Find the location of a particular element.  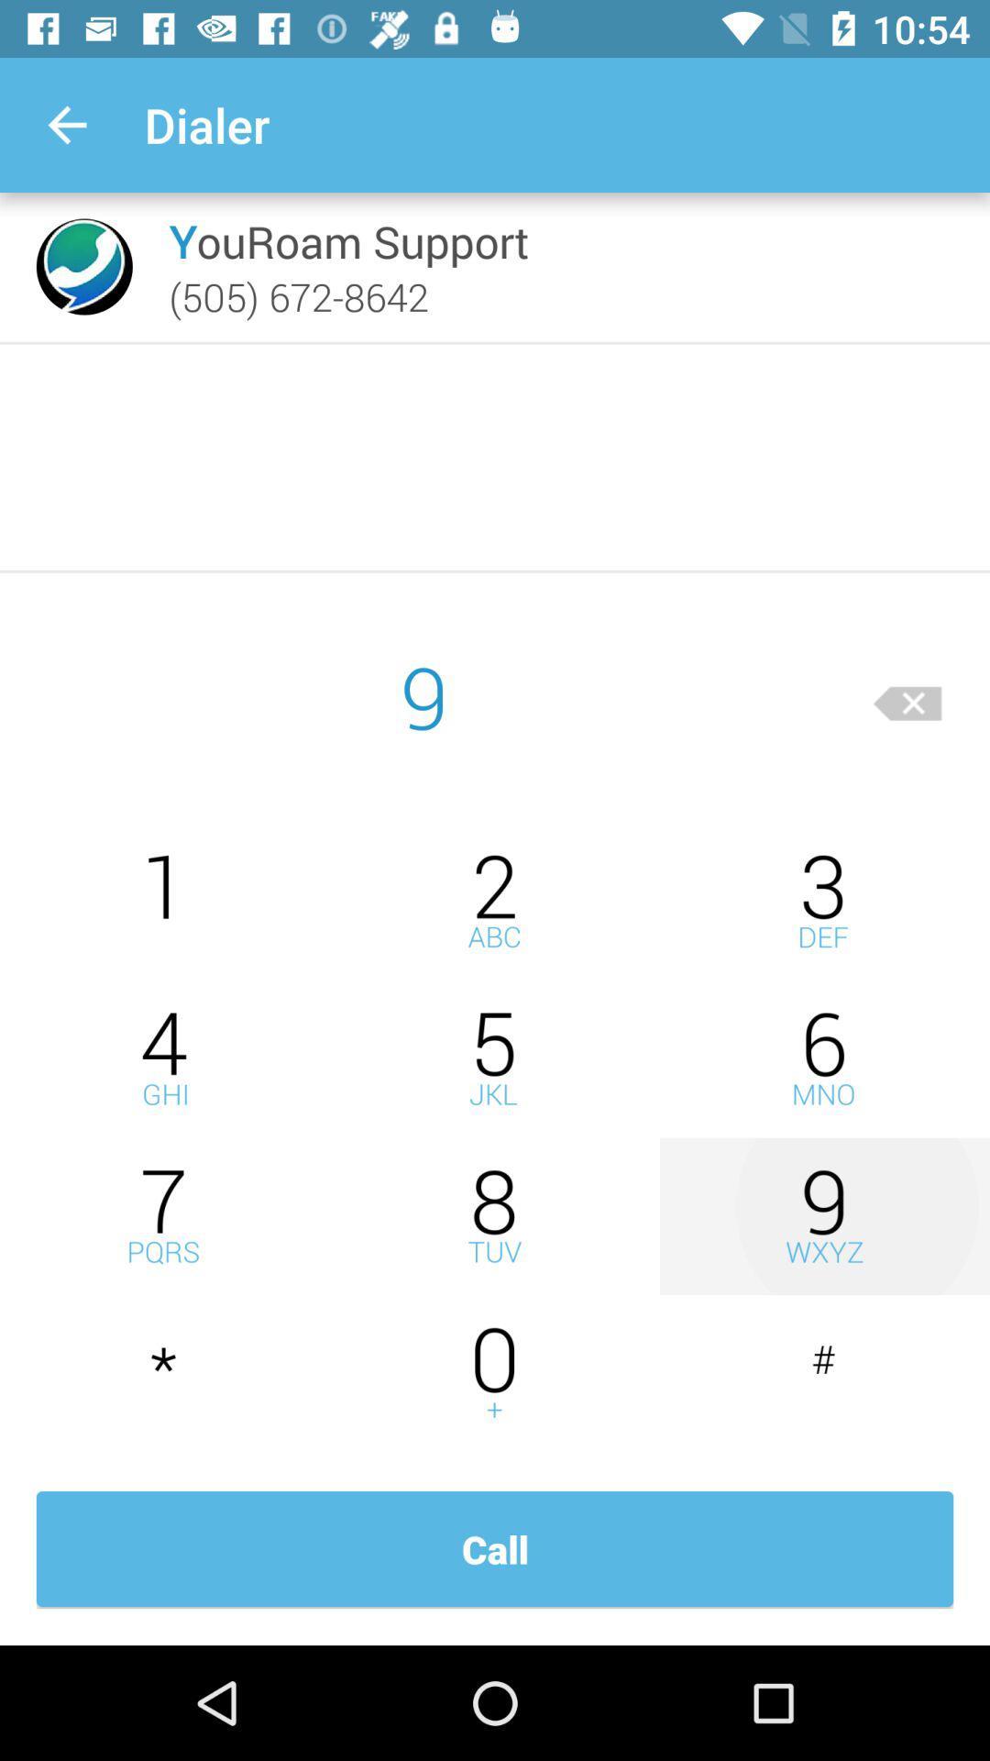

the icon below the youroam support item is located at coordinates (298, 296).